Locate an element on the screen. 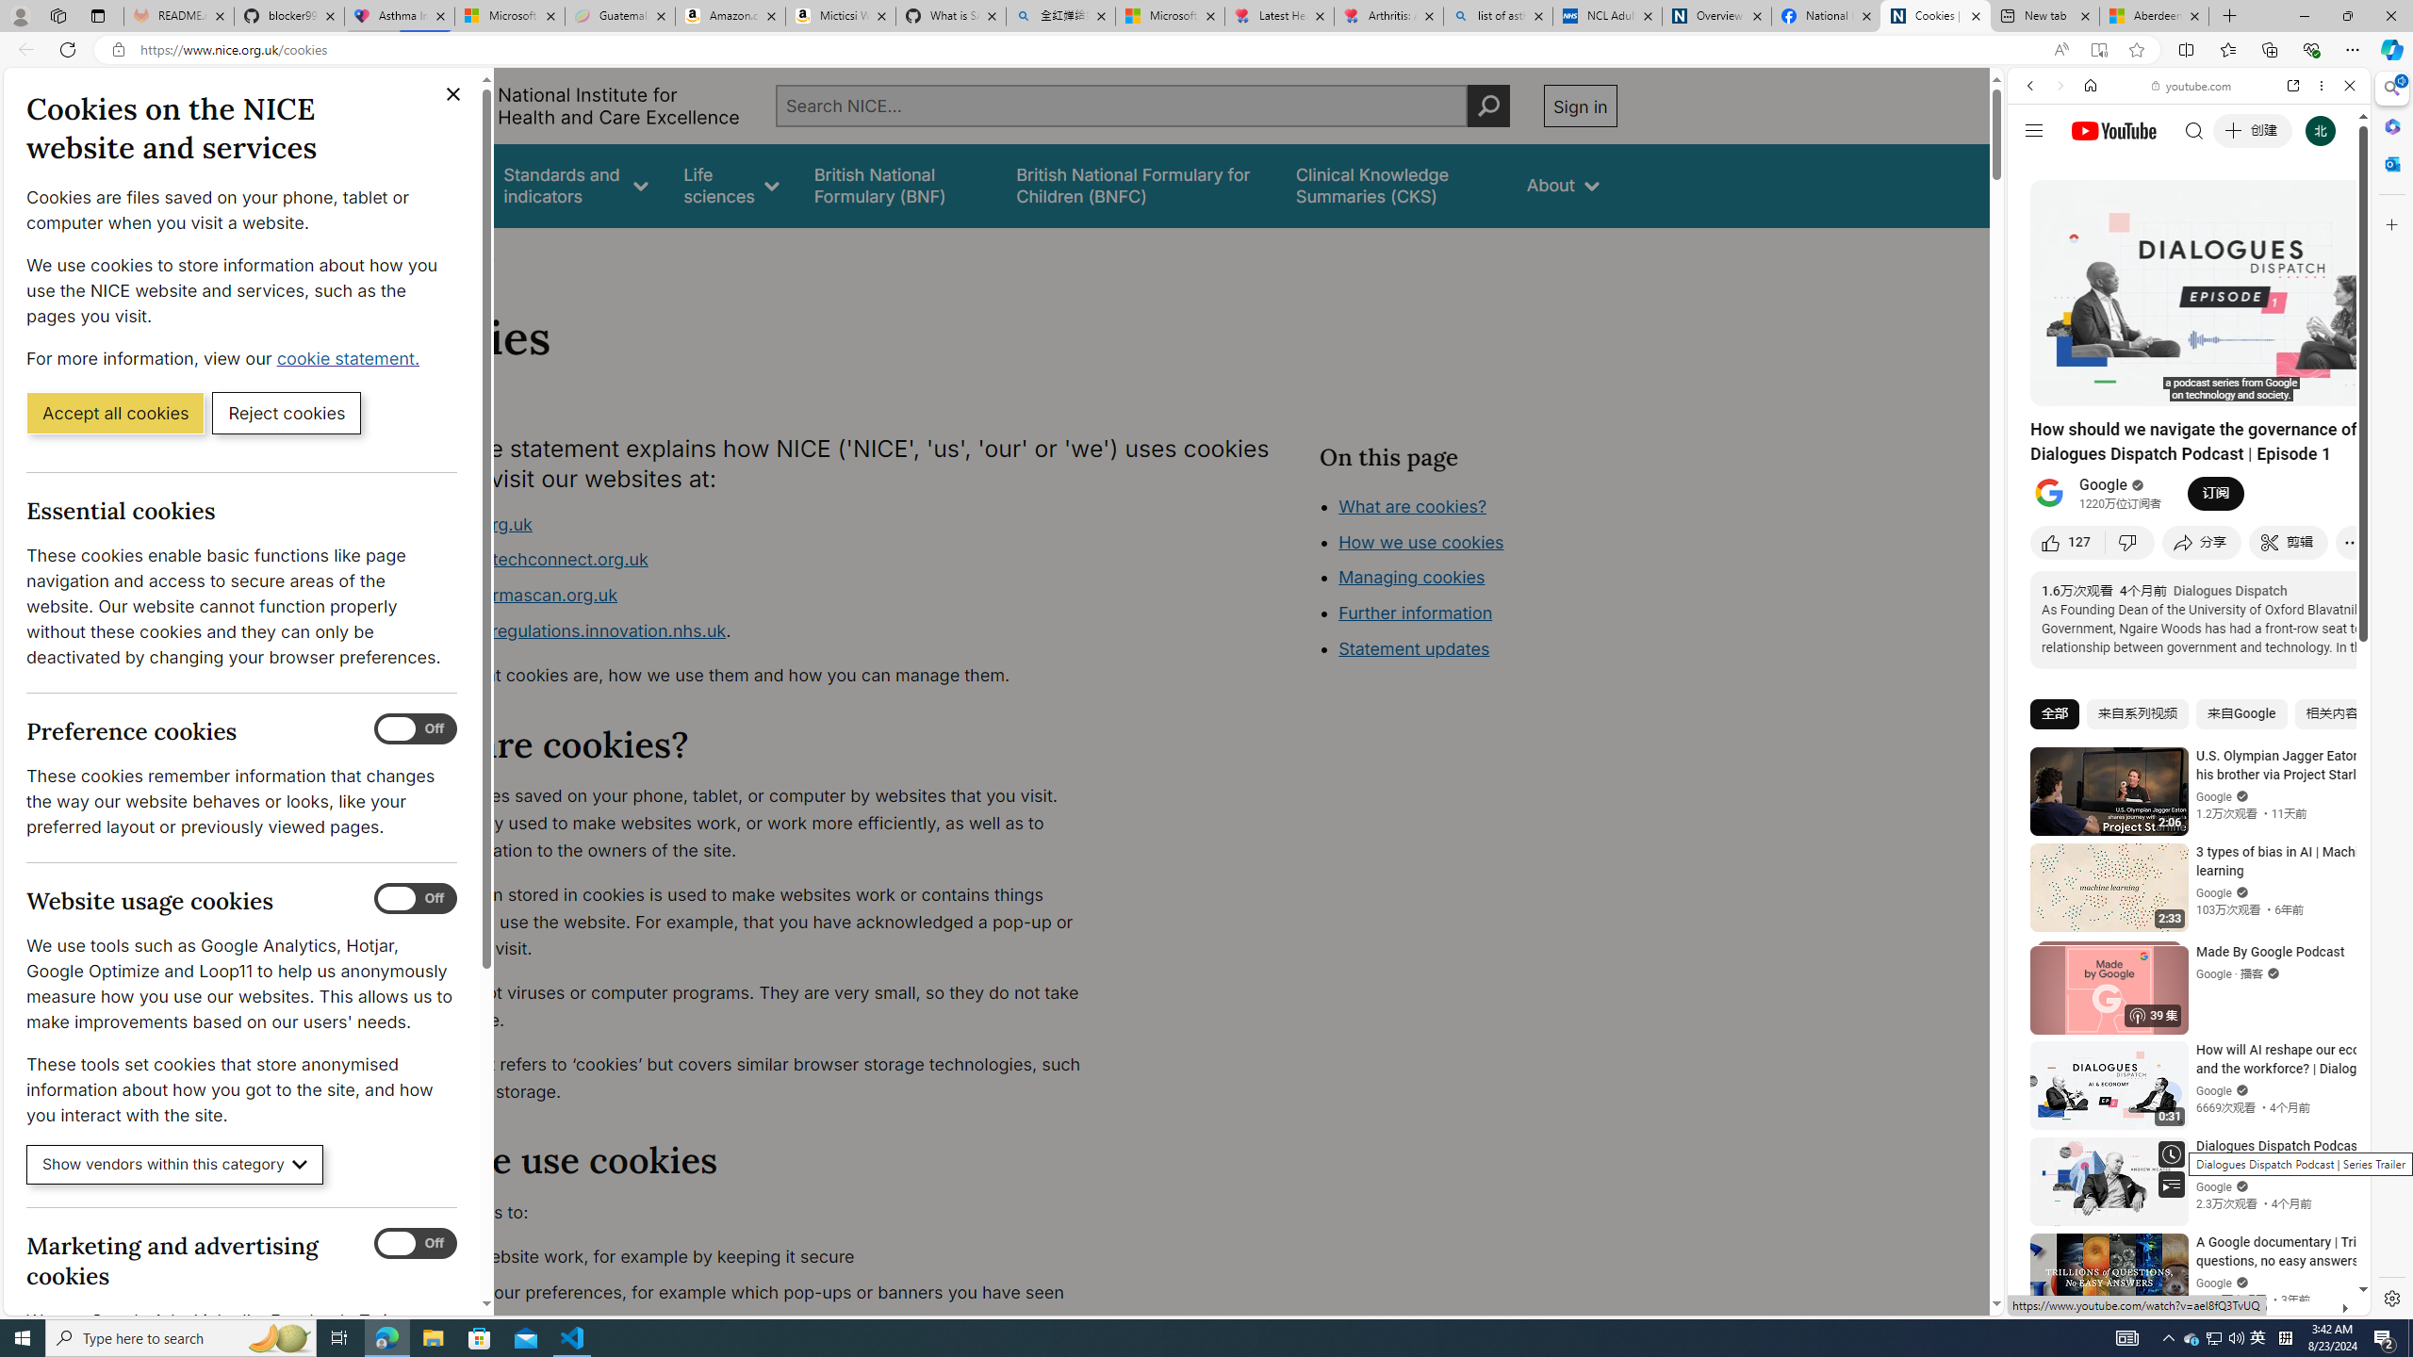 This screenshot has width=2413, height=1357. 'Website usage cookies' is located at coordinates (415, 898).